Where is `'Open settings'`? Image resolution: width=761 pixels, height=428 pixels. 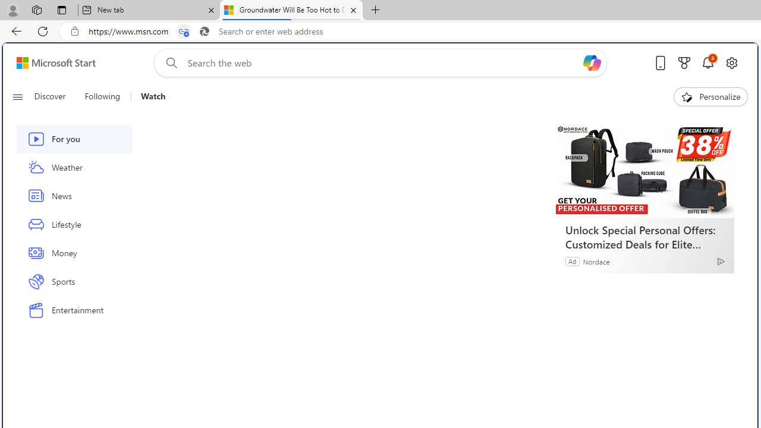 'Open settings' is located at coordinates (731, 62).